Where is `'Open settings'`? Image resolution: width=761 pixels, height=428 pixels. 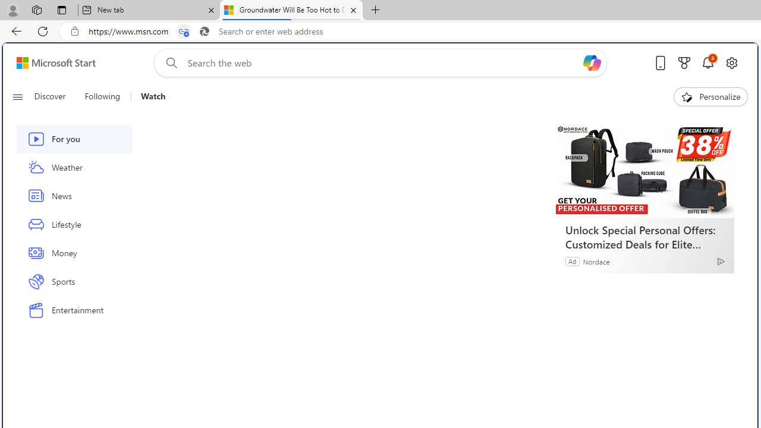 'Open settings' is located at coordinates (731, 62).